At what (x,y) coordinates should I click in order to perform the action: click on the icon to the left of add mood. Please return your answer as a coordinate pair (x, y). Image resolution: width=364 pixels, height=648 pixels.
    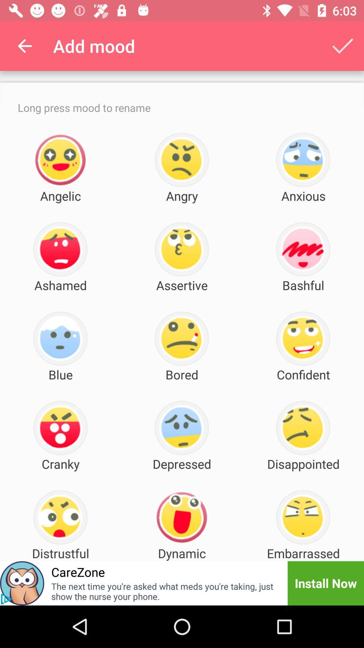
    Looking at the image, I should click on (24, 46).